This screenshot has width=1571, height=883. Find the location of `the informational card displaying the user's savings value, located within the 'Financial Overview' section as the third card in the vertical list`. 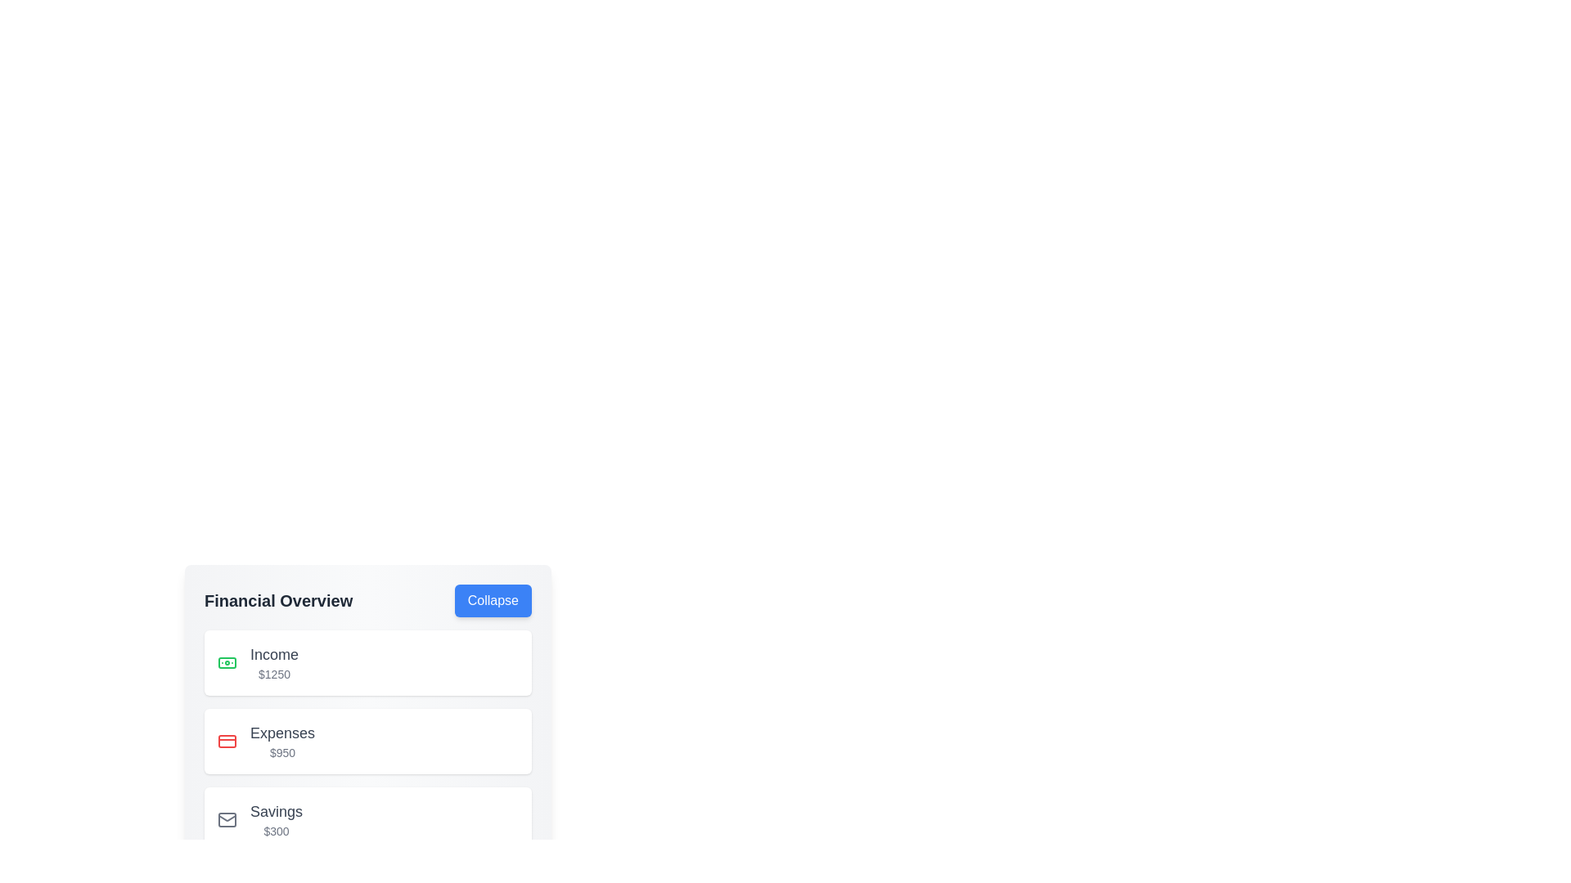

the informational card displaying the user's savings value, located within the 'Financial Overview' section as the third card in the vertical list is located at coordinates (367, 819).